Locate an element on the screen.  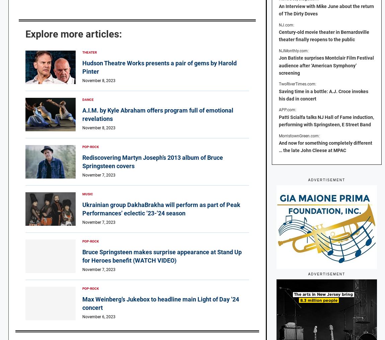
'NJ.com:' is located at coordinates (286, 24).